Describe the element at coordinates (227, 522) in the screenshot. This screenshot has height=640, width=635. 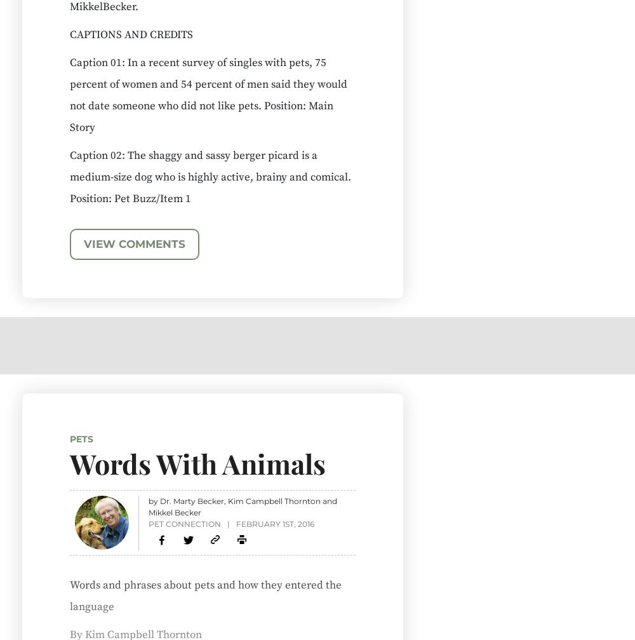
I see `'|'` at that location.